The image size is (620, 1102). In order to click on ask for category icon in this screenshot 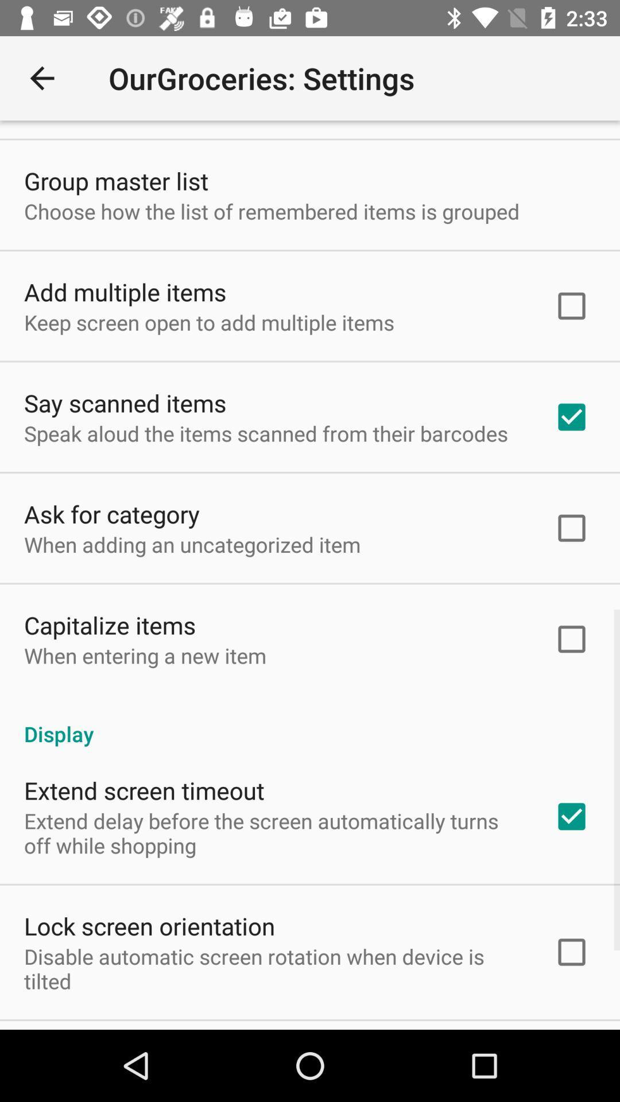, I will do `click(112, 513)`.